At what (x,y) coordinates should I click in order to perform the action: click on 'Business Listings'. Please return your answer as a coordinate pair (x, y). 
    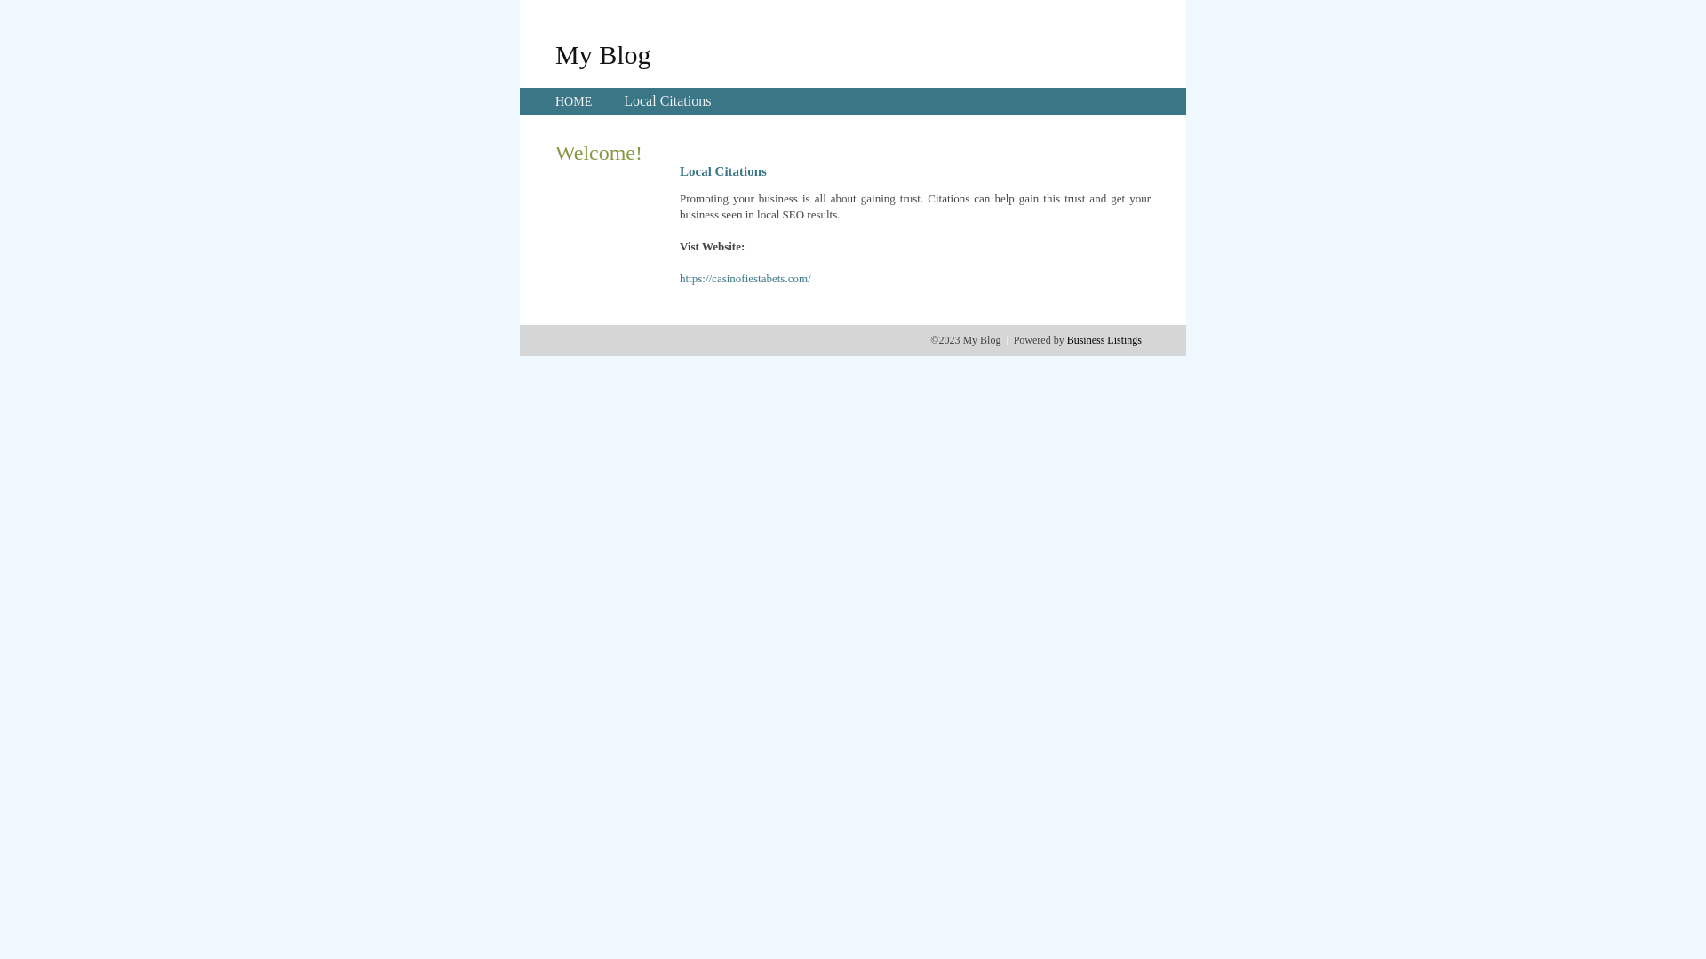
    Looking at the image, I should click on (1104, 339).